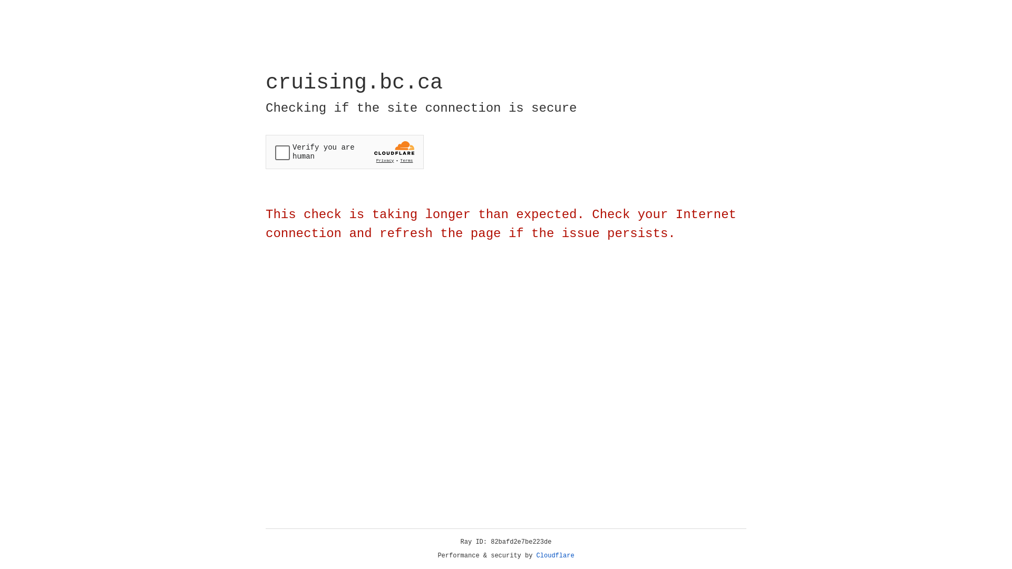 The image size is (1012, 569). Describe the element at coordinates (555, 555) in the screenshot. I see `'Cloudflare'` at that location.